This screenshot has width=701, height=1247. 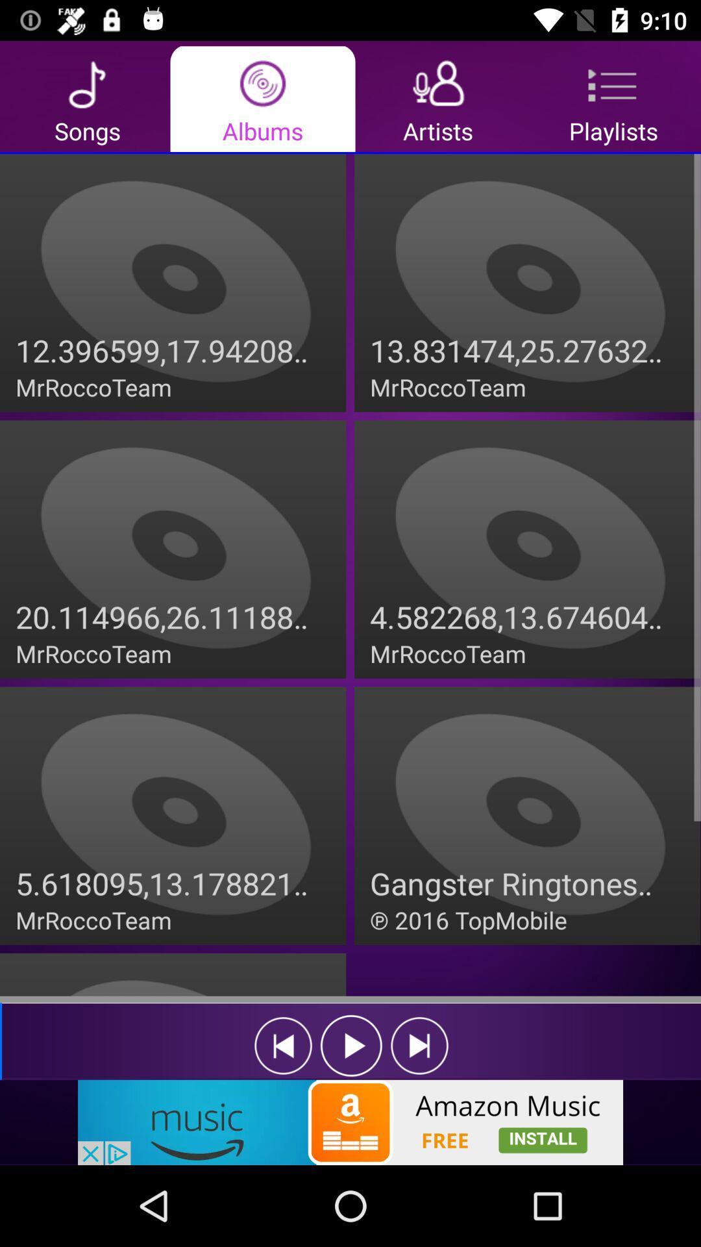 What do you see at coordinates (282, 1046) in the screenshot?
I see `the skip_previous icon` at bounding box center [282, 1046].